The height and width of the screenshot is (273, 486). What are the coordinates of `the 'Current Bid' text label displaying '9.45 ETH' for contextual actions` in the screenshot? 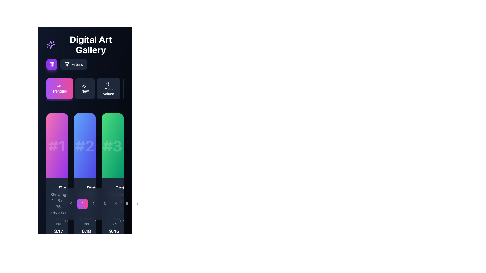 It's located at (112, 229).